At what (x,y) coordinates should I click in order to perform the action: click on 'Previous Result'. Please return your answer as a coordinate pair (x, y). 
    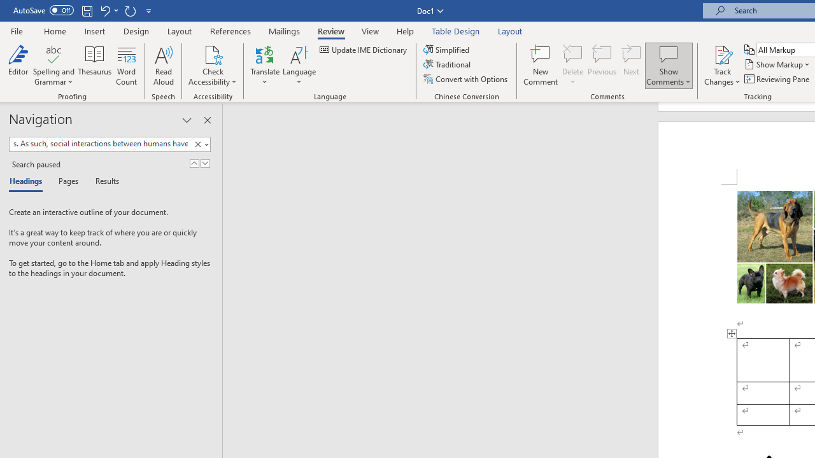
    Looking at the image, I should click on (194, 163).